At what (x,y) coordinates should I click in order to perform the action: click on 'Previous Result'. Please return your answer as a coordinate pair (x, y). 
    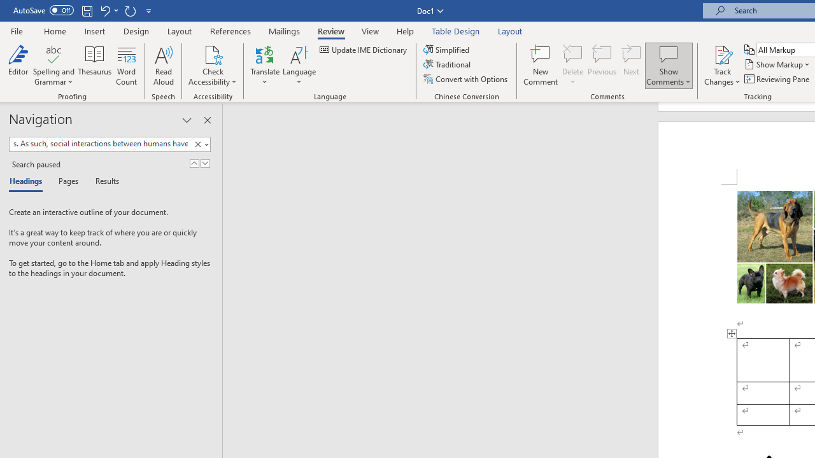
    Looking at the image, I should click on (194, 163).